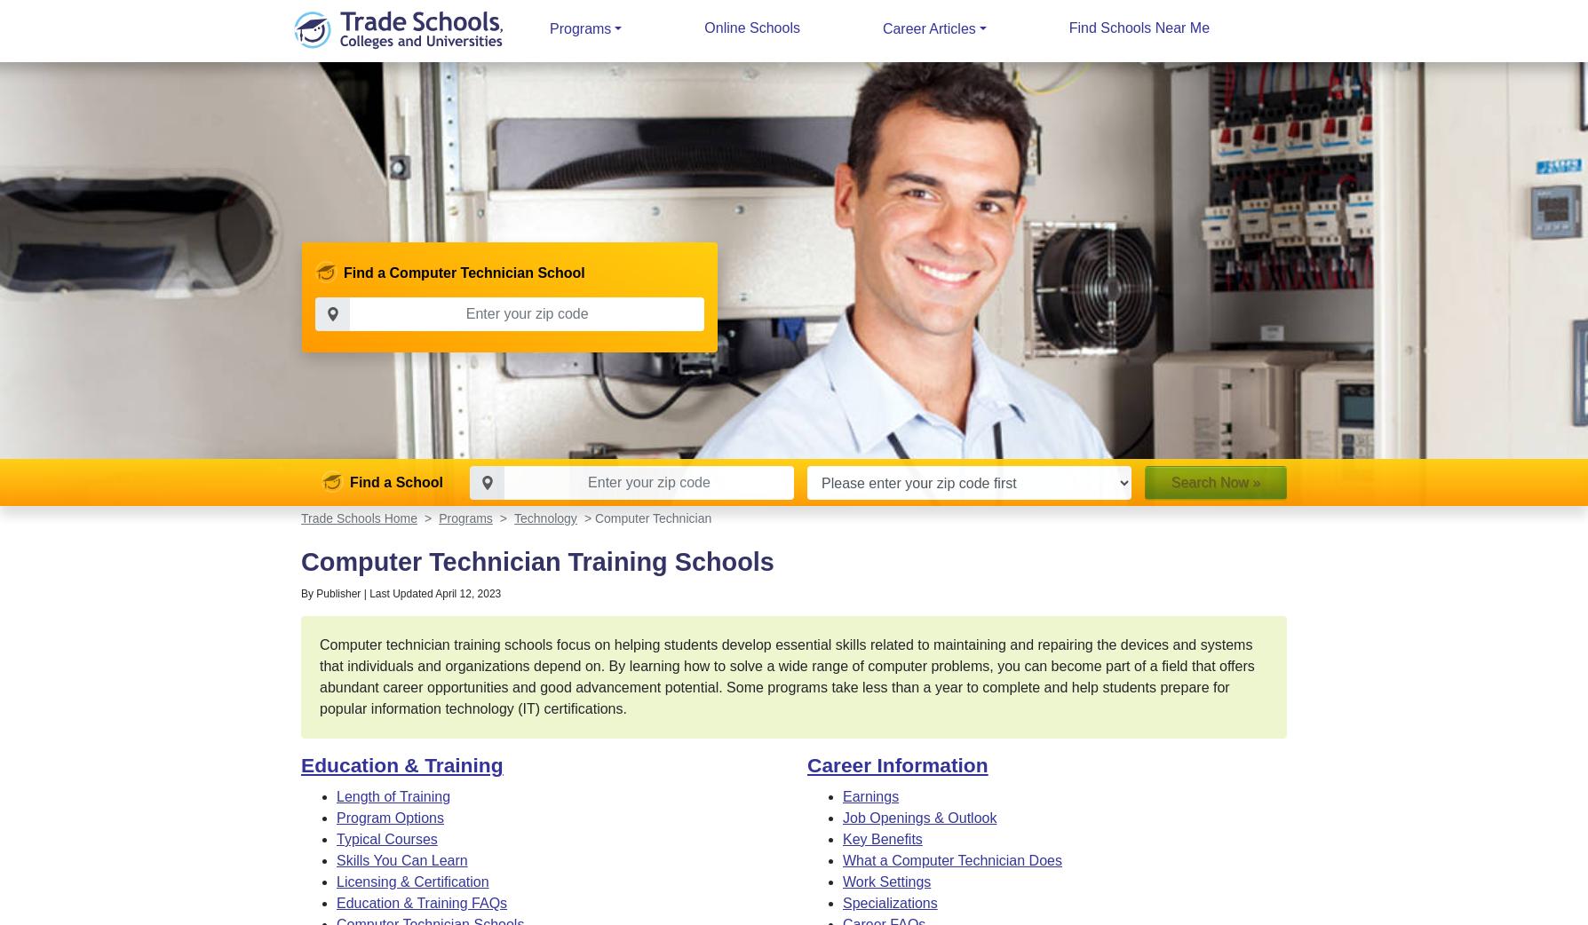  What do you see at coordinates (393, 795) in the screenshot?
I see `'Length of Training'` at bounding box center [393, 795].